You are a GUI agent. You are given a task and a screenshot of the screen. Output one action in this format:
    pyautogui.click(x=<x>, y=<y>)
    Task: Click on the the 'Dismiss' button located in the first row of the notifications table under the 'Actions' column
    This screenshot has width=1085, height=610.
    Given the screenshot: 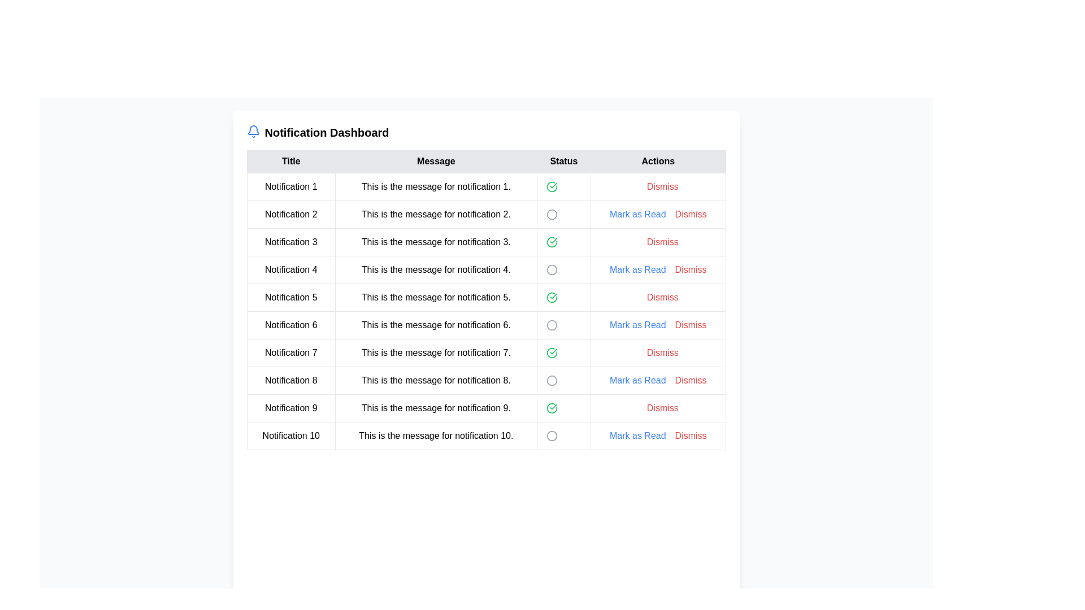 What is the action you would take?
    pyautogui.click(x=662, y=186)
    